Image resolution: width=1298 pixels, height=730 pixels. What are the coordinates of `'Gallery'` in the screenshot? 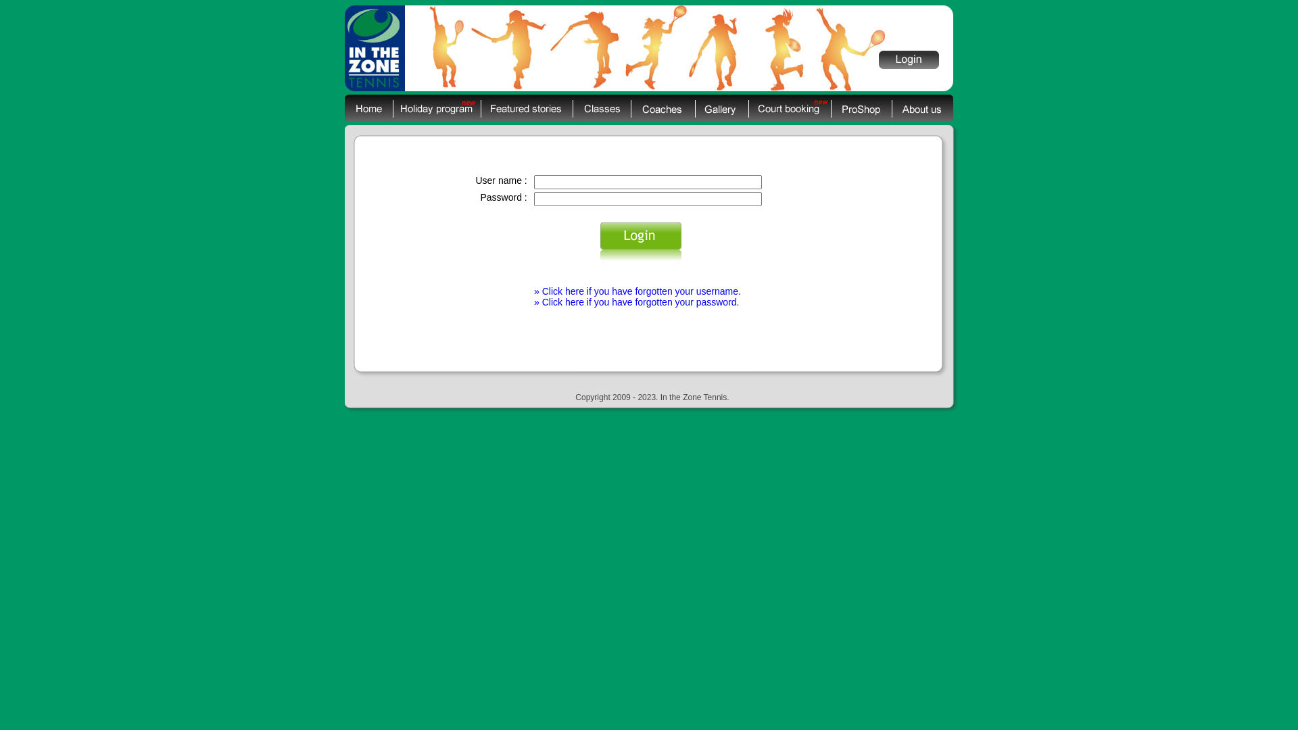 It's located at (721, 107).